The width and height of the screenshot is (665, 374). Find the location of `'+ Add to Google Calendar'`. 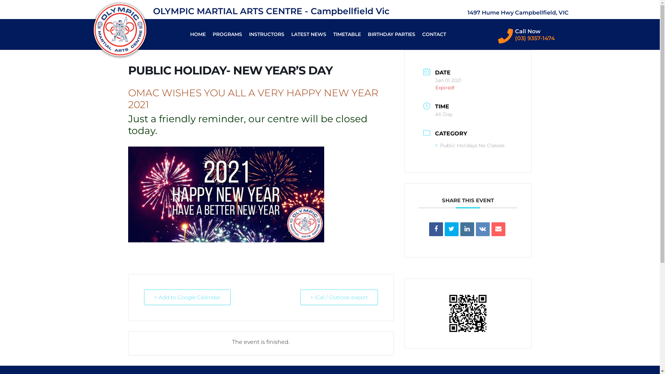

'+ Add to Google Calendar' is located at coordinates (187, 297).